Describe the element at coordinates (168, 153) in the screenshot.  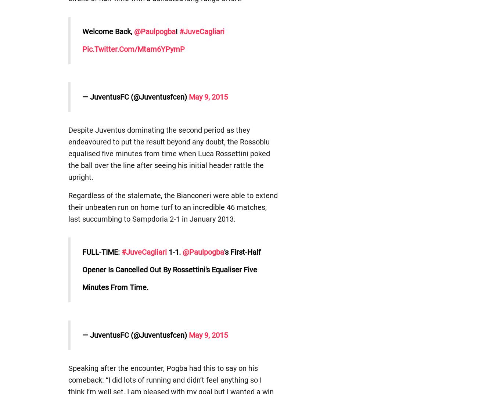
I see `'Despite Juventus dominating the second period as they endeavoured to put the result beyond any doubt, the Rossoblu equalised five minutes from time when Luca Rossettini poked the ball over the line after seeing his initial header rattle the upright.'` at that location.